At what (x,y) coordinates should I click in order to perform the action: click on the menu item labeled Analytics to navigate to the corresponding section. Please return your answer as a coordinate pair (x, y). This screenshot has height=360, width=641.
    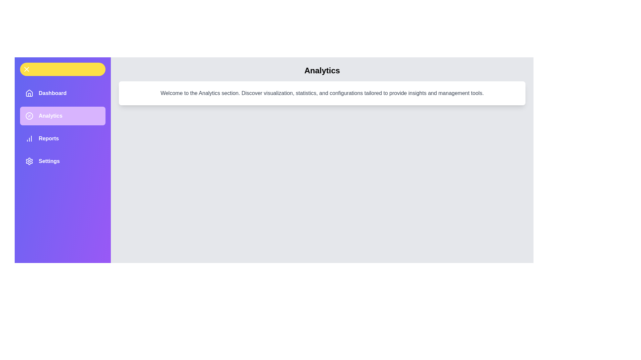
    Looking at the image, I should click on (62, 115).